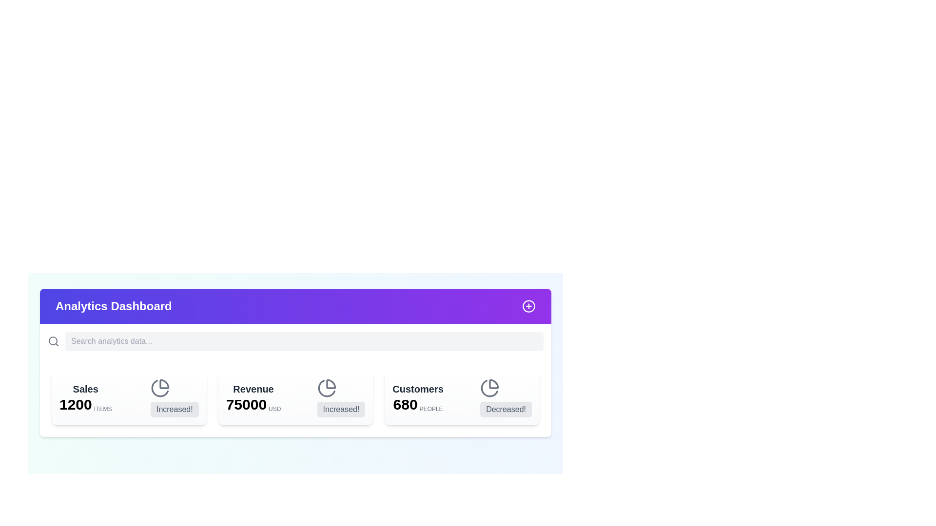 The image size is (936, 526). What do you see at coordinates (490, 388) in the screenshot?
I see `properties of the SVG icon located in the 'Customers' section of the dashboard, adjacent to the 'Decreased!' label` at bounding box center [490, 388].